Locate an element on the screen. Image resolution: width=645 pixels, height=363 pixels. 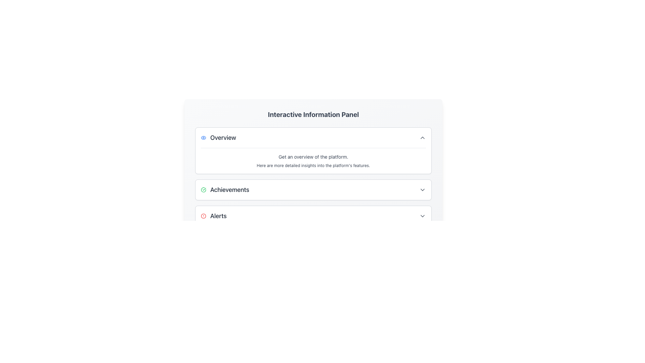
the downward-facing chevron icon in the top-right corner of the 'Alerts' section is located at coordinates (422, 216).